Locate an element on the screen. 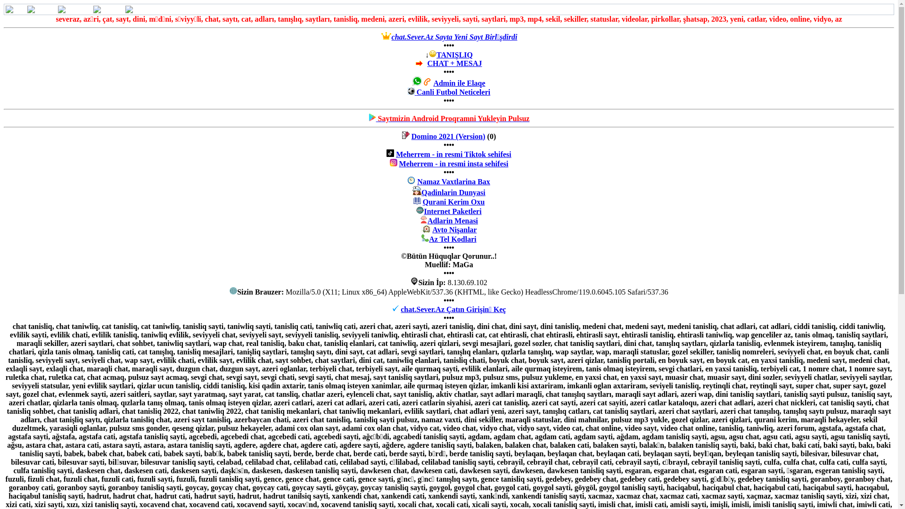 This screenshot has width=905, height=509. 'Hom' is located at coordinates (16, 9).